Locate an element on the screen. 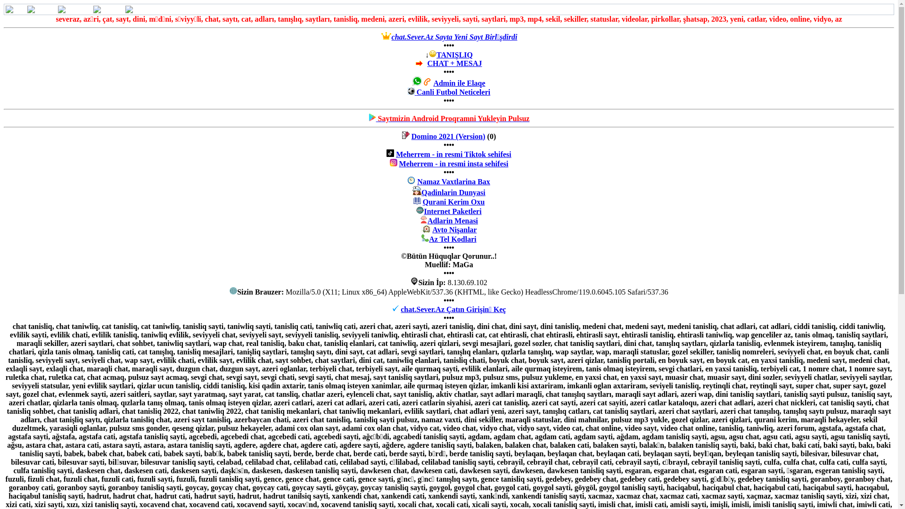 This screenshot has width=905, height=509. 'Hom' is located at coordinates (16, 9).